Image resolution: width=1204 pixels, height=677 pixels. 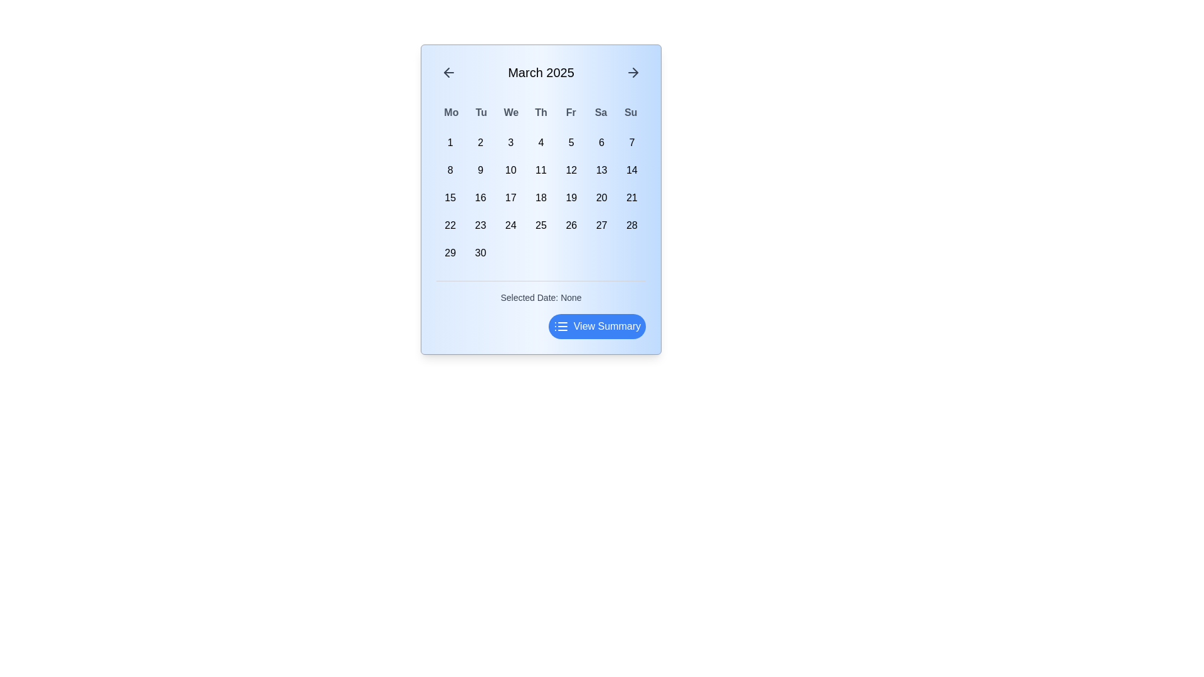 What do you see at coordinates (541, 113) in the screenshot?
I see `the text header row displaying abbreviated weekday names (Mo, Tu, We, Th, Fr, Sa, Su) in bold gray font, positioned below 'March 2025' and above the calendar grid` at bounding box center [541, 113].